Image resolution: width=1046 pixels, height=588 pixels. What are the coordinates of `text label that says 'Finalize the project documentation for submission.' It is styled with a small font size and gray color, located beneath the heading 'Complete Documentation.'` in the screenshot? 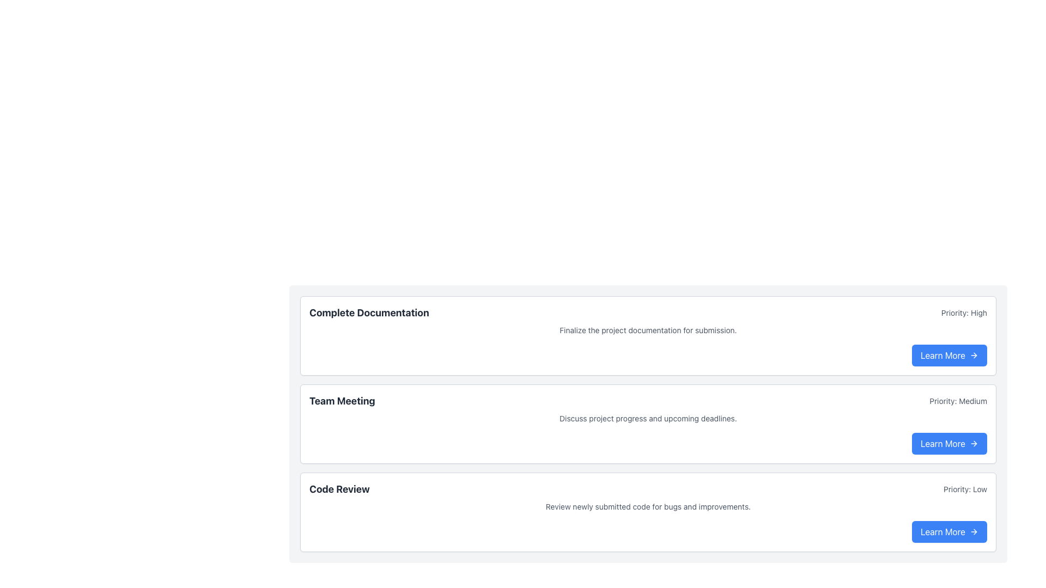 It's located at (648, 329).